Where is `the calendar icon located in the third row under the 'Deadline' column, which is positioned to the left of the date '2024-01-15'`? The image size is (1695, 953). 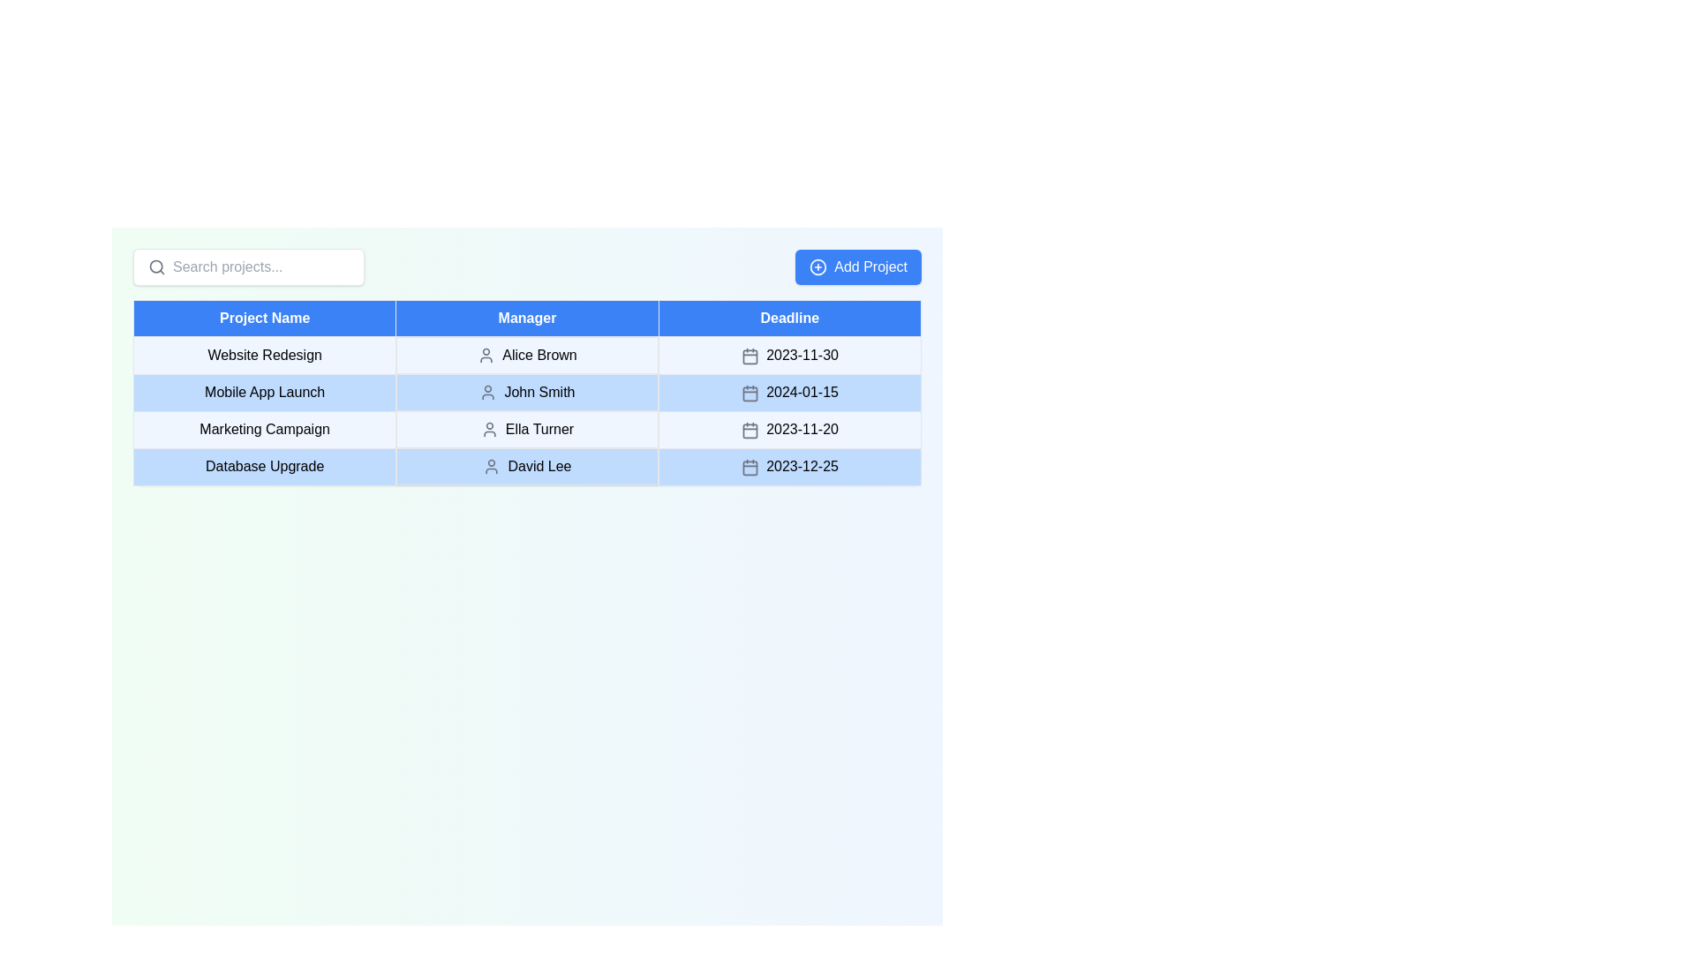 the calendar icon located in the third row under the 'Deadline' column, which is positioned to the left of the date '2024-01-15' is located at coordinates (750, 392).